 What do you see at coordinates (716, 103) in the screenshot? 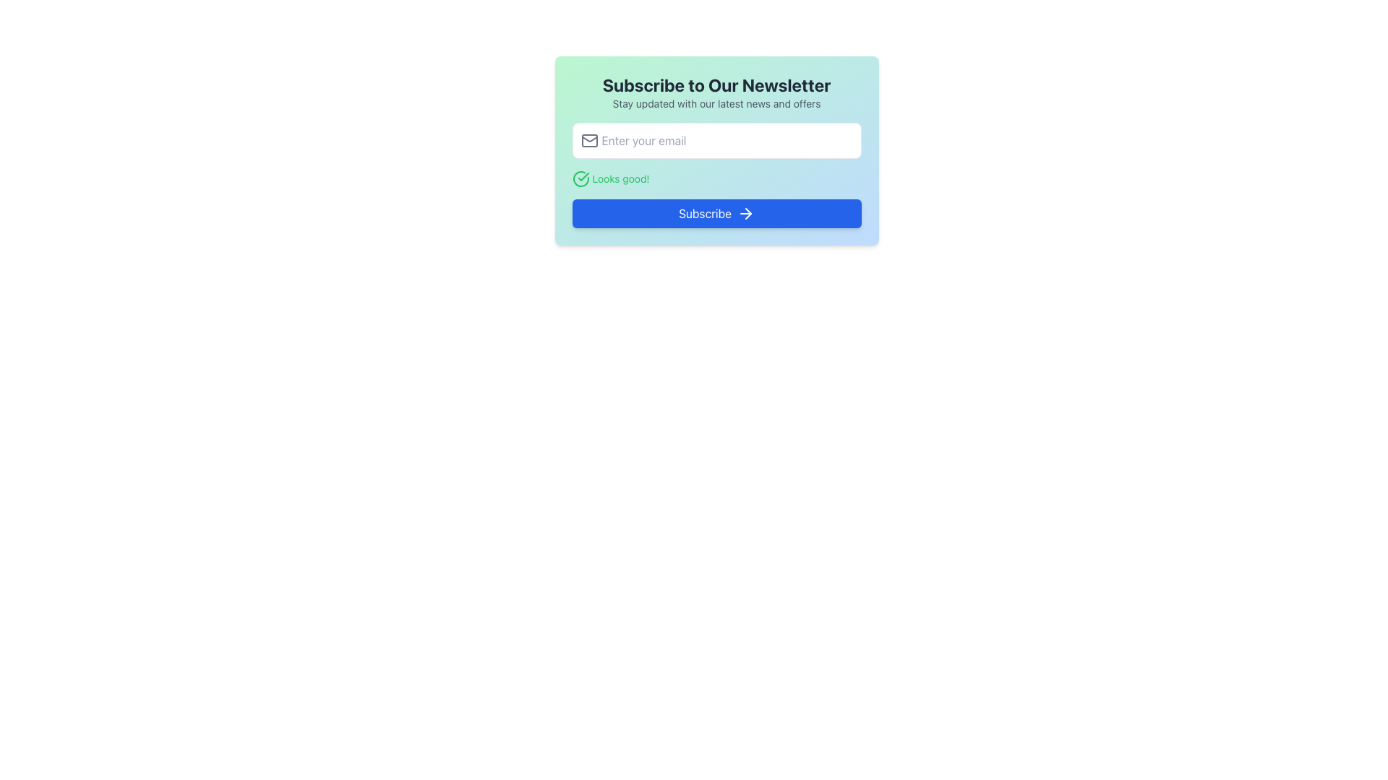
I see `the Text Label that provides instructions for the newsletter subscription, located directly below the 'Subscribe to Our Newsletter' header` at bounding box center [716, 103].